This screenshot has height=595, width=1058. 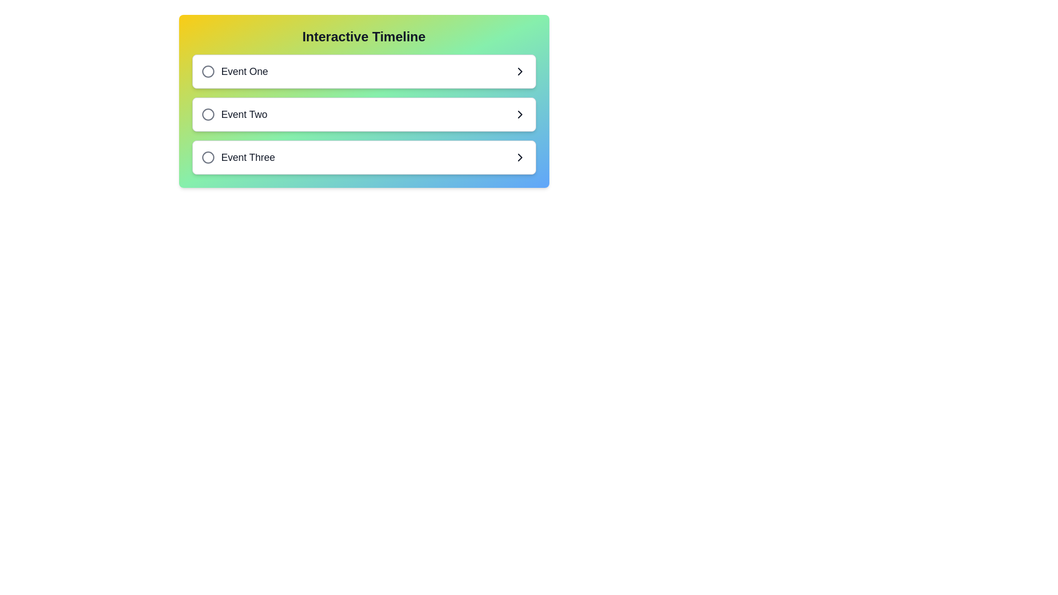 What do you see at coordinates (208, 115) in the screenshot?
I see `the indicator icon located` at bounding box center [208, 115].